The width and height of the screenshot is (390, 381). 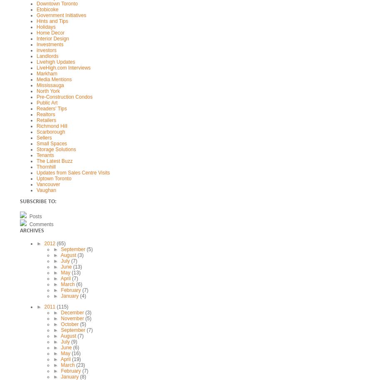 What do you see at coordinates (53, 178) in the screenshot?
I see `'Uptown Toronto'` at bounding box center [53, 178].